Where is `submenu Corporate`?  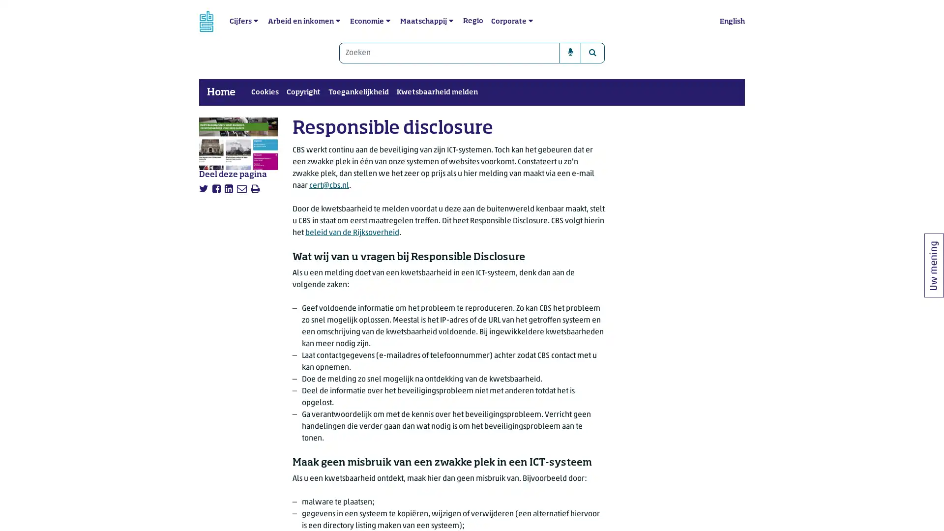
submenu Corporate is located at coordinates (530, 21).